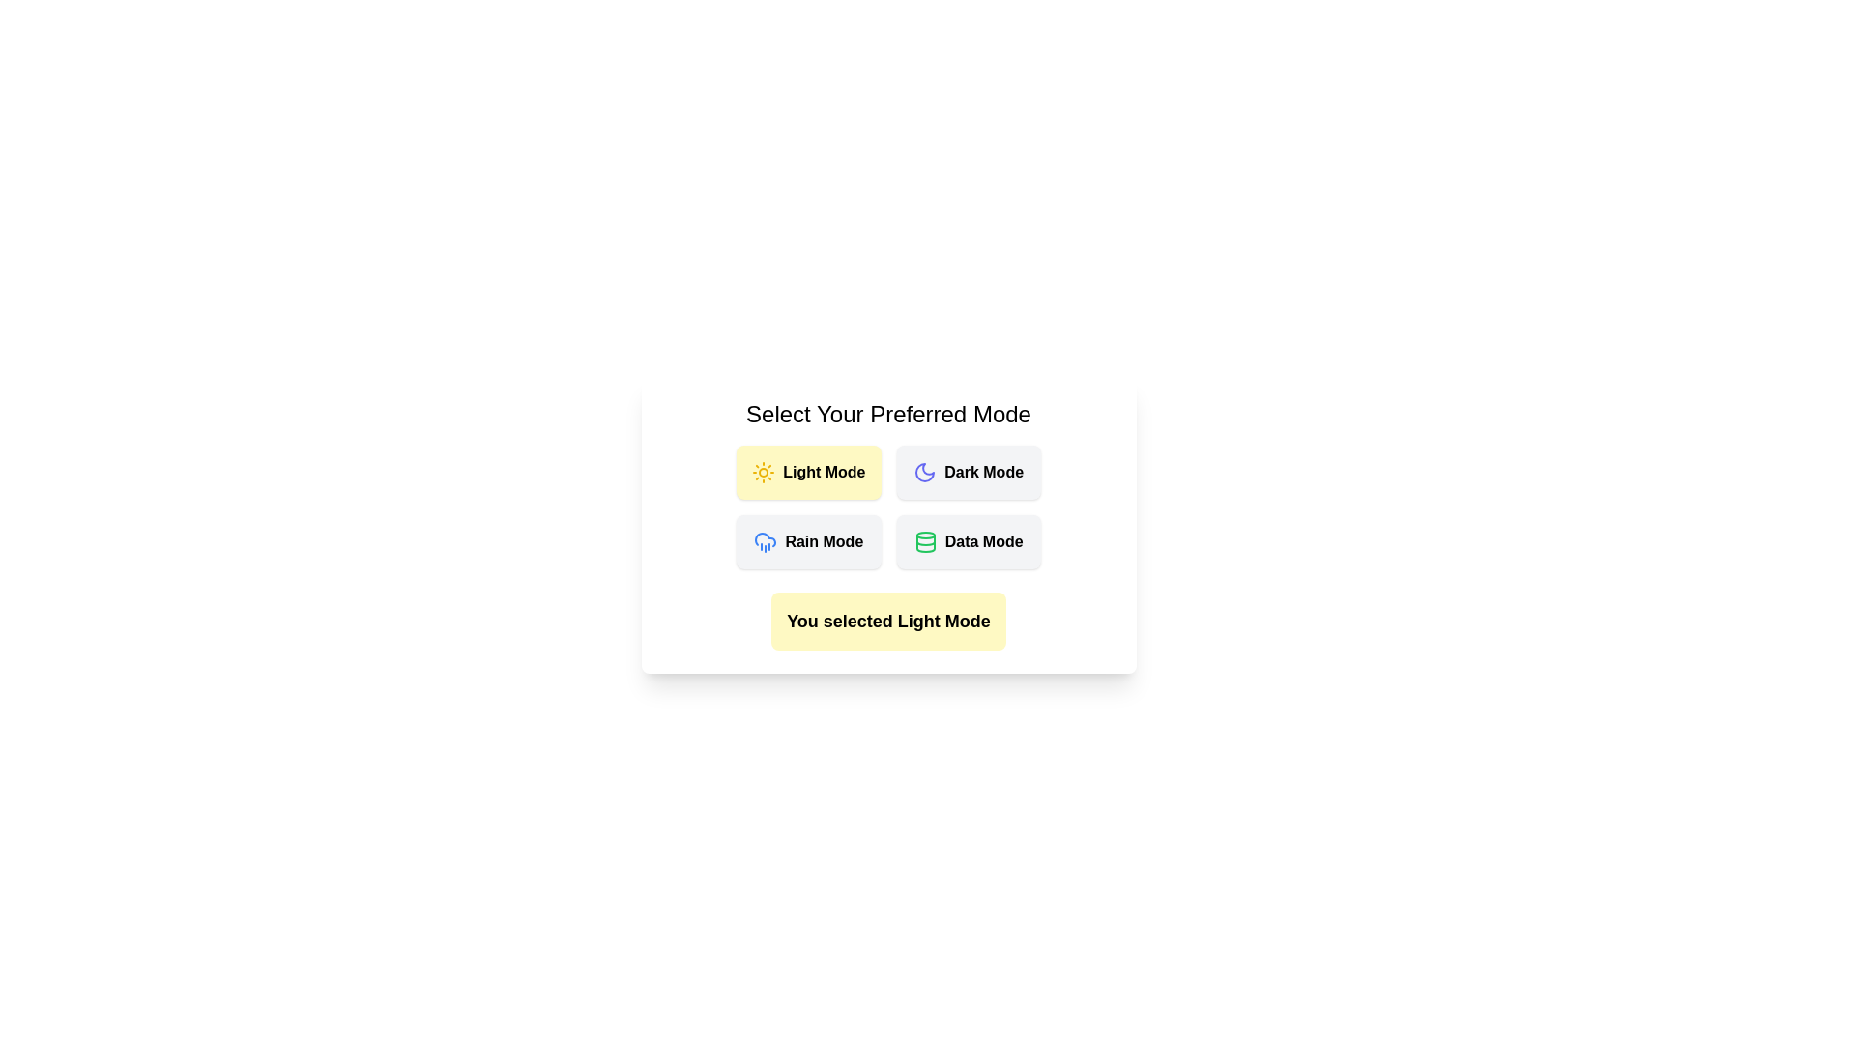 The height and width of the screenshot is (1044, 1856). I want to click on the 'Rain Mode' button located in the lower left section of the mode selector grid, so click(808, 541).